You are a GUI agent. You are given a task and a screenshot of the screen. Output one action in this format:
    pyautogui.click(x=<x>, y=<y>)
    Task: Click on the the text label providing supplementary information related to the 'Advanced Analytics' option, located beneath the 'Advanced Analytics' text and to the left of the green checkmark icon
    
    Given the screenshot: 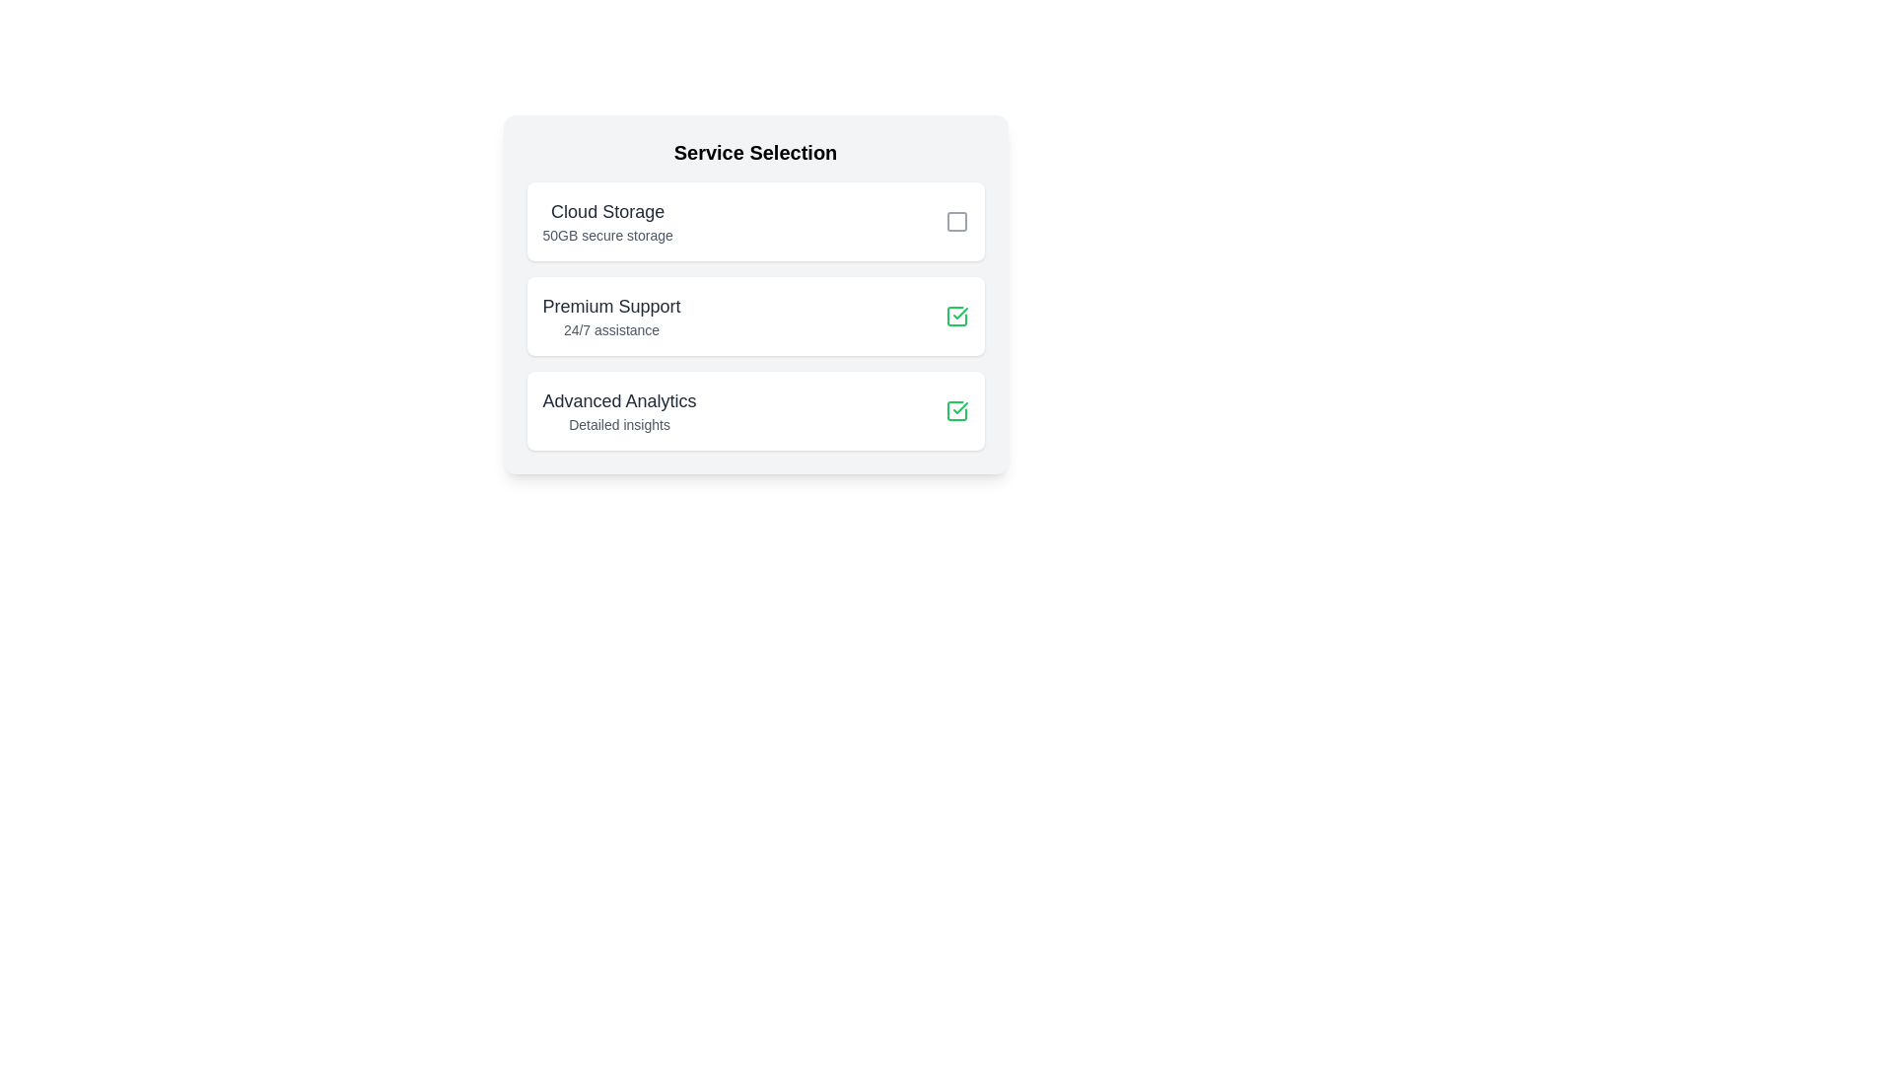 What is the action you would take?
    pyautogui.click(x=618, y=424)
    